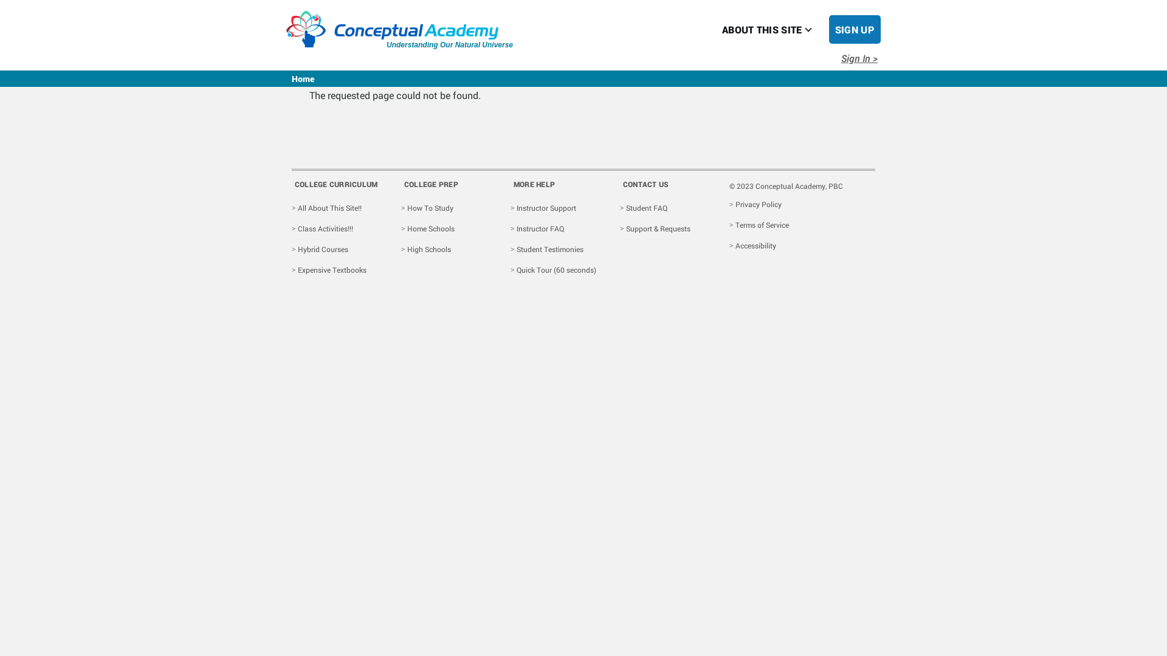 This screenshot has height=656, width=1167. I want to click on 'Instructor Support', so click(545, 207).